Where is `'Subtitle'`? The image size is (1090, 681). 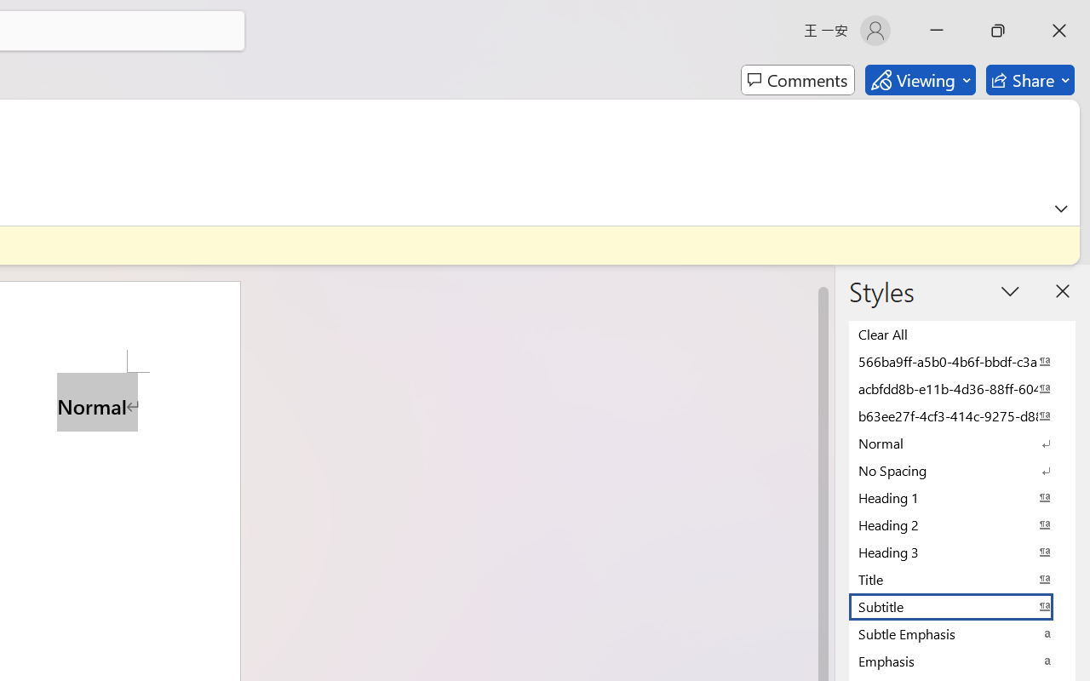
'Subtitle' is located at coordinates (962, 605).